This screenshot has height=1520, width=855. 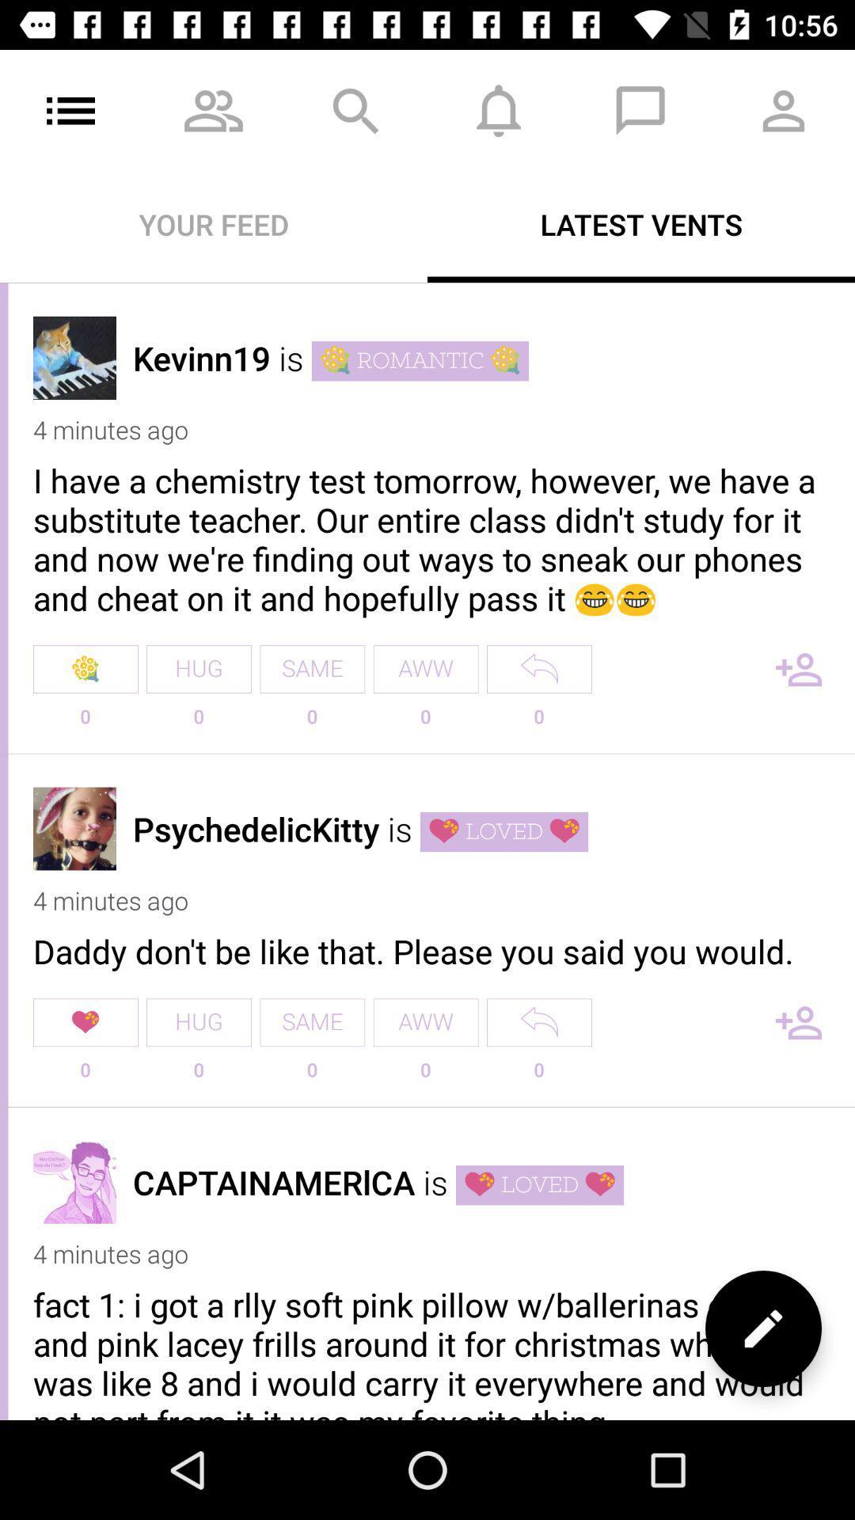 I want to click on profile, so click(x=74, y=827).